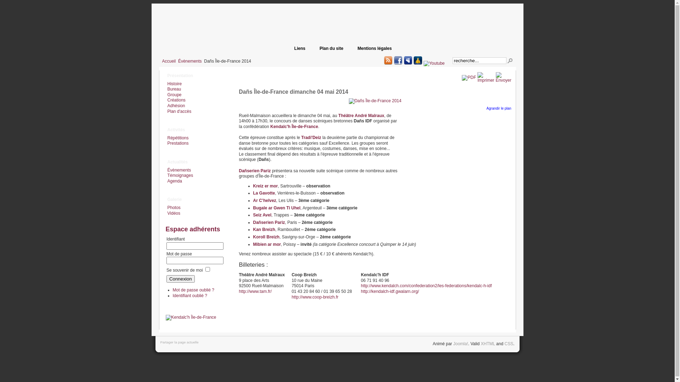 The width and height of the screenshot is (680, 382). I want to click on 'Tradi'Deiz', so click(301, 138).